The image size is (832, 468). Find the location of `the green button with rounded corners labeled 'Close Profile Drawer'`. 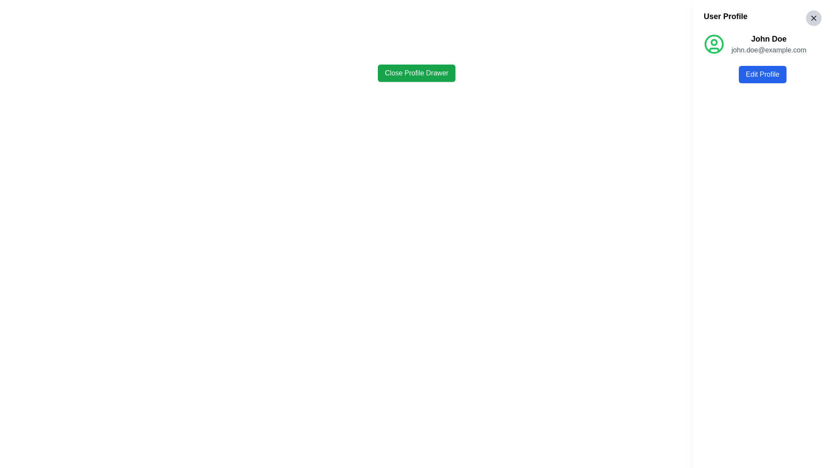

the green button with rounded corners labeled 'Close Profile Drawer' is located at coordinates (416, 73).